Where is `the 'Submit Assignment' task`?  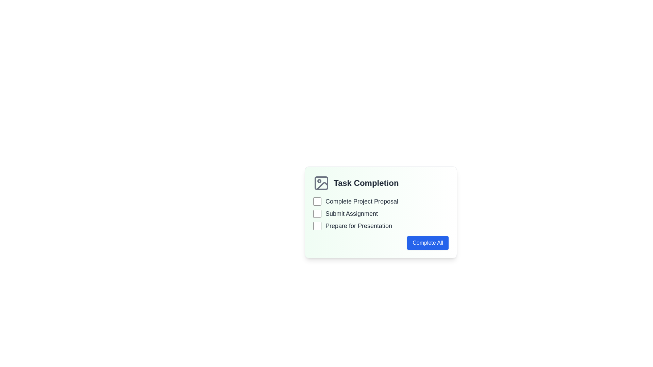 the 'Submit Assignment' task is located at coordinates (380, 213).